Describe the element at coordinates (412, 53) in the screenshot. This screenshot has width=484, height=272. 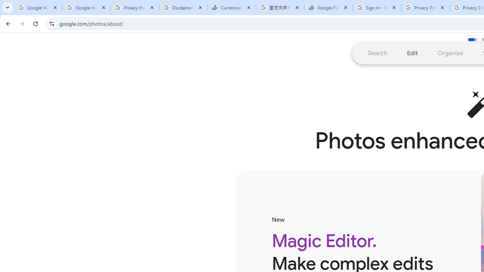
I see `'Go to section: Edit'` at that location.